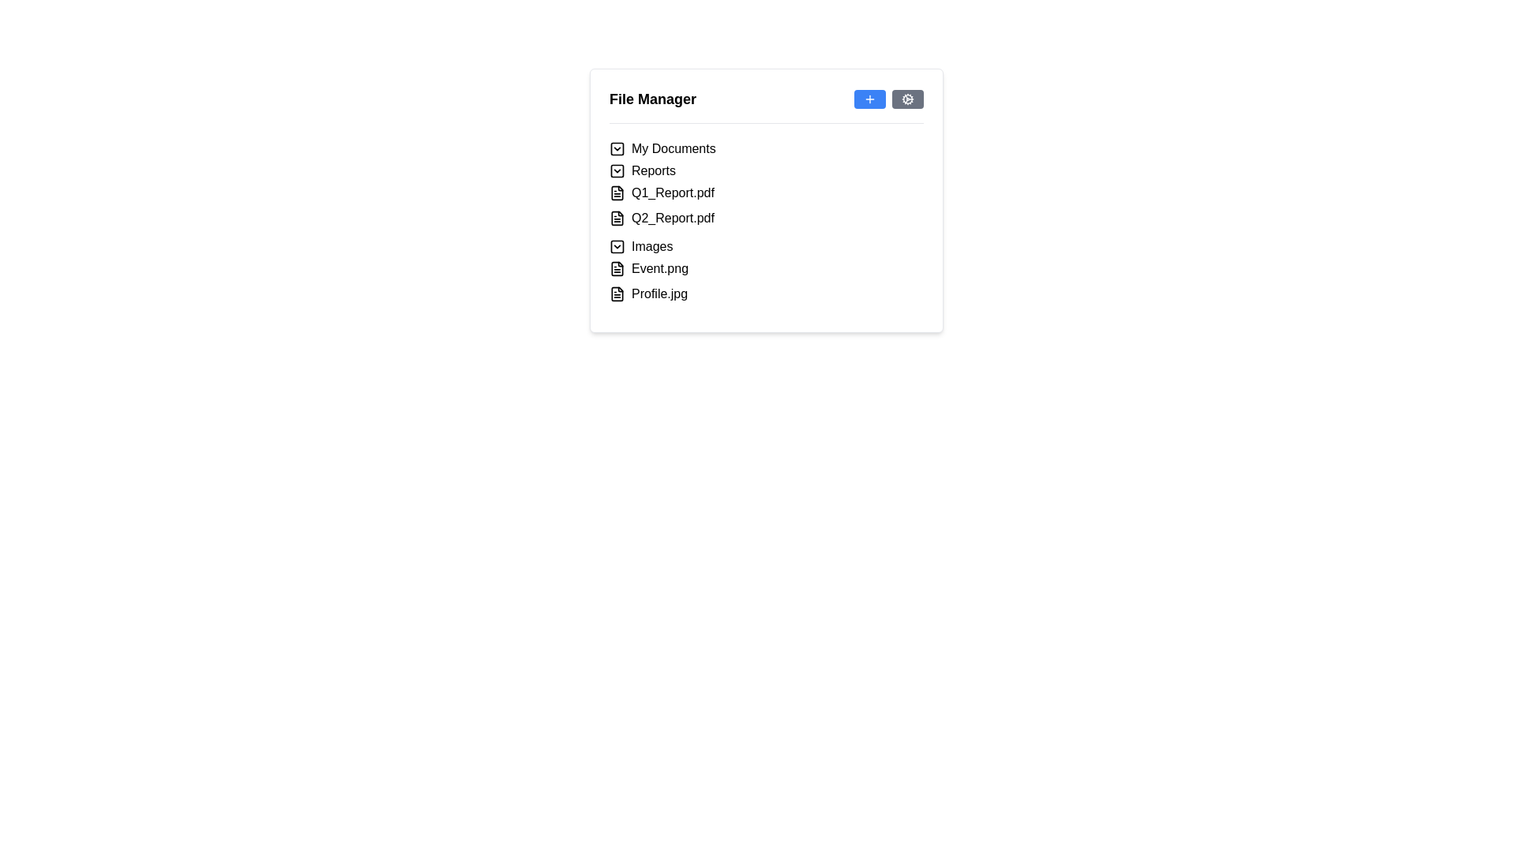 The height and width of the screenshot is (852, 1516). Describe the element at coordinates (617, 246) in the screenshot. I see `the Toggle icon or dropdown indicator, which is a small square icon with a downward-pointing chevron, located to the left of the 'Images' label in the file manager's hierarchical list` at that location.